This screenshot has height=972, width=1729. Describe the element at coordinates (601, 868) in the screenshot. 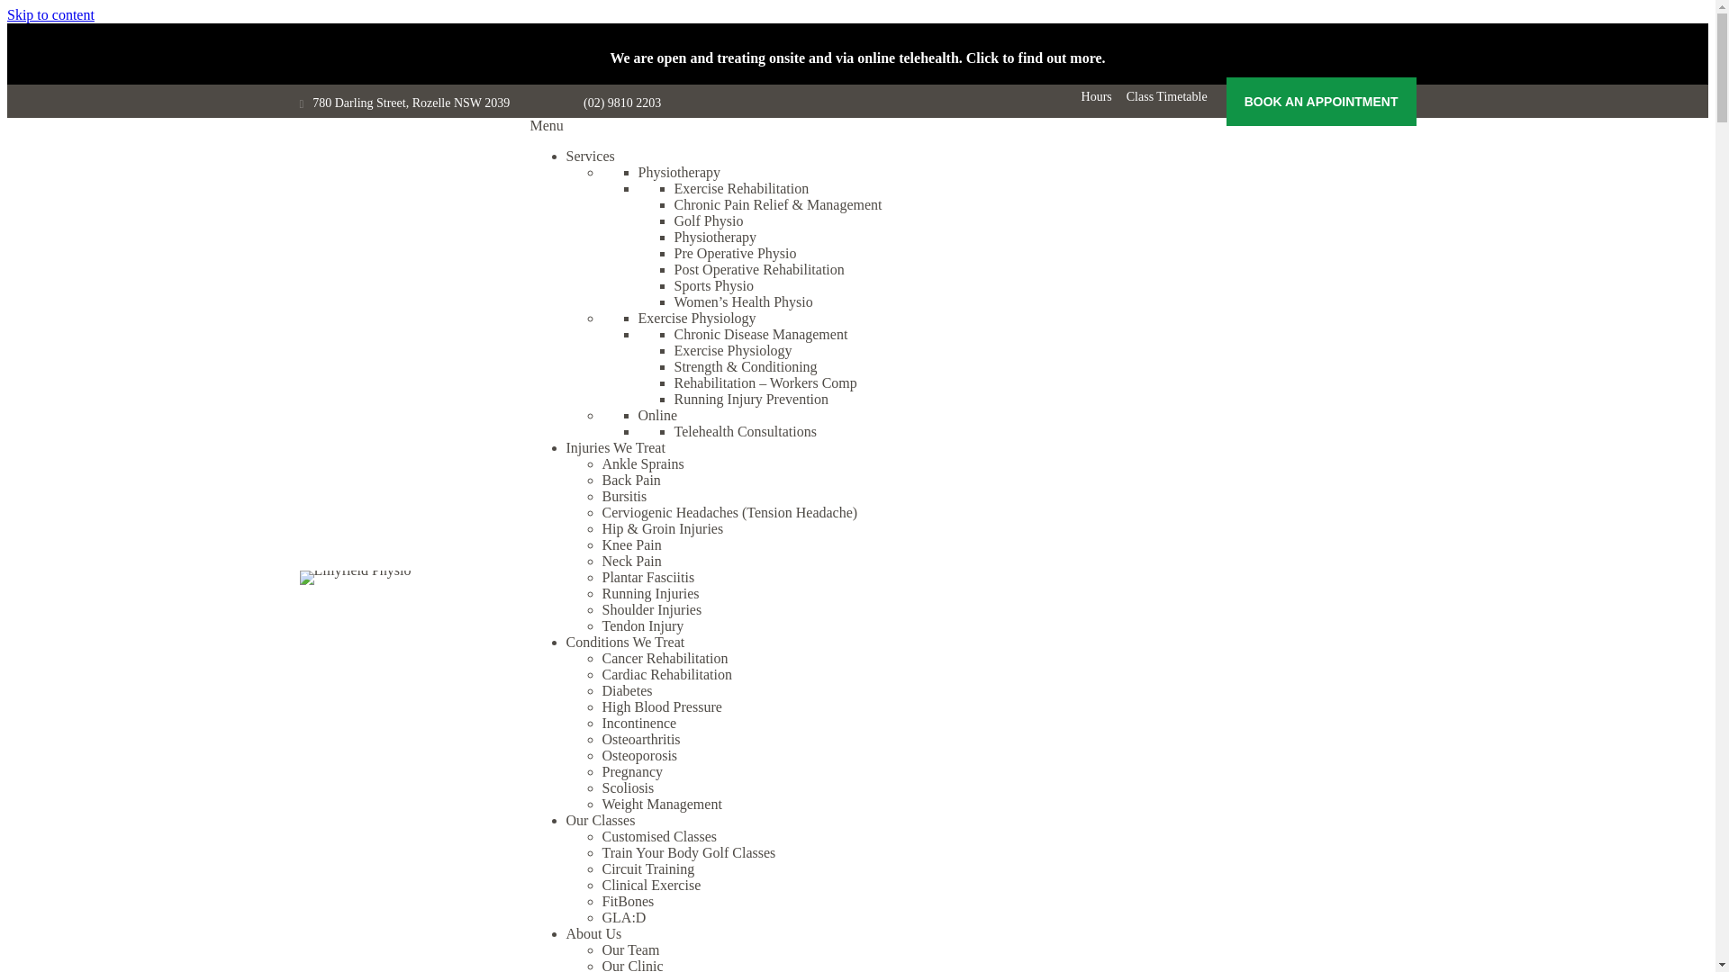

I see `'Circuit Training'` at that location.